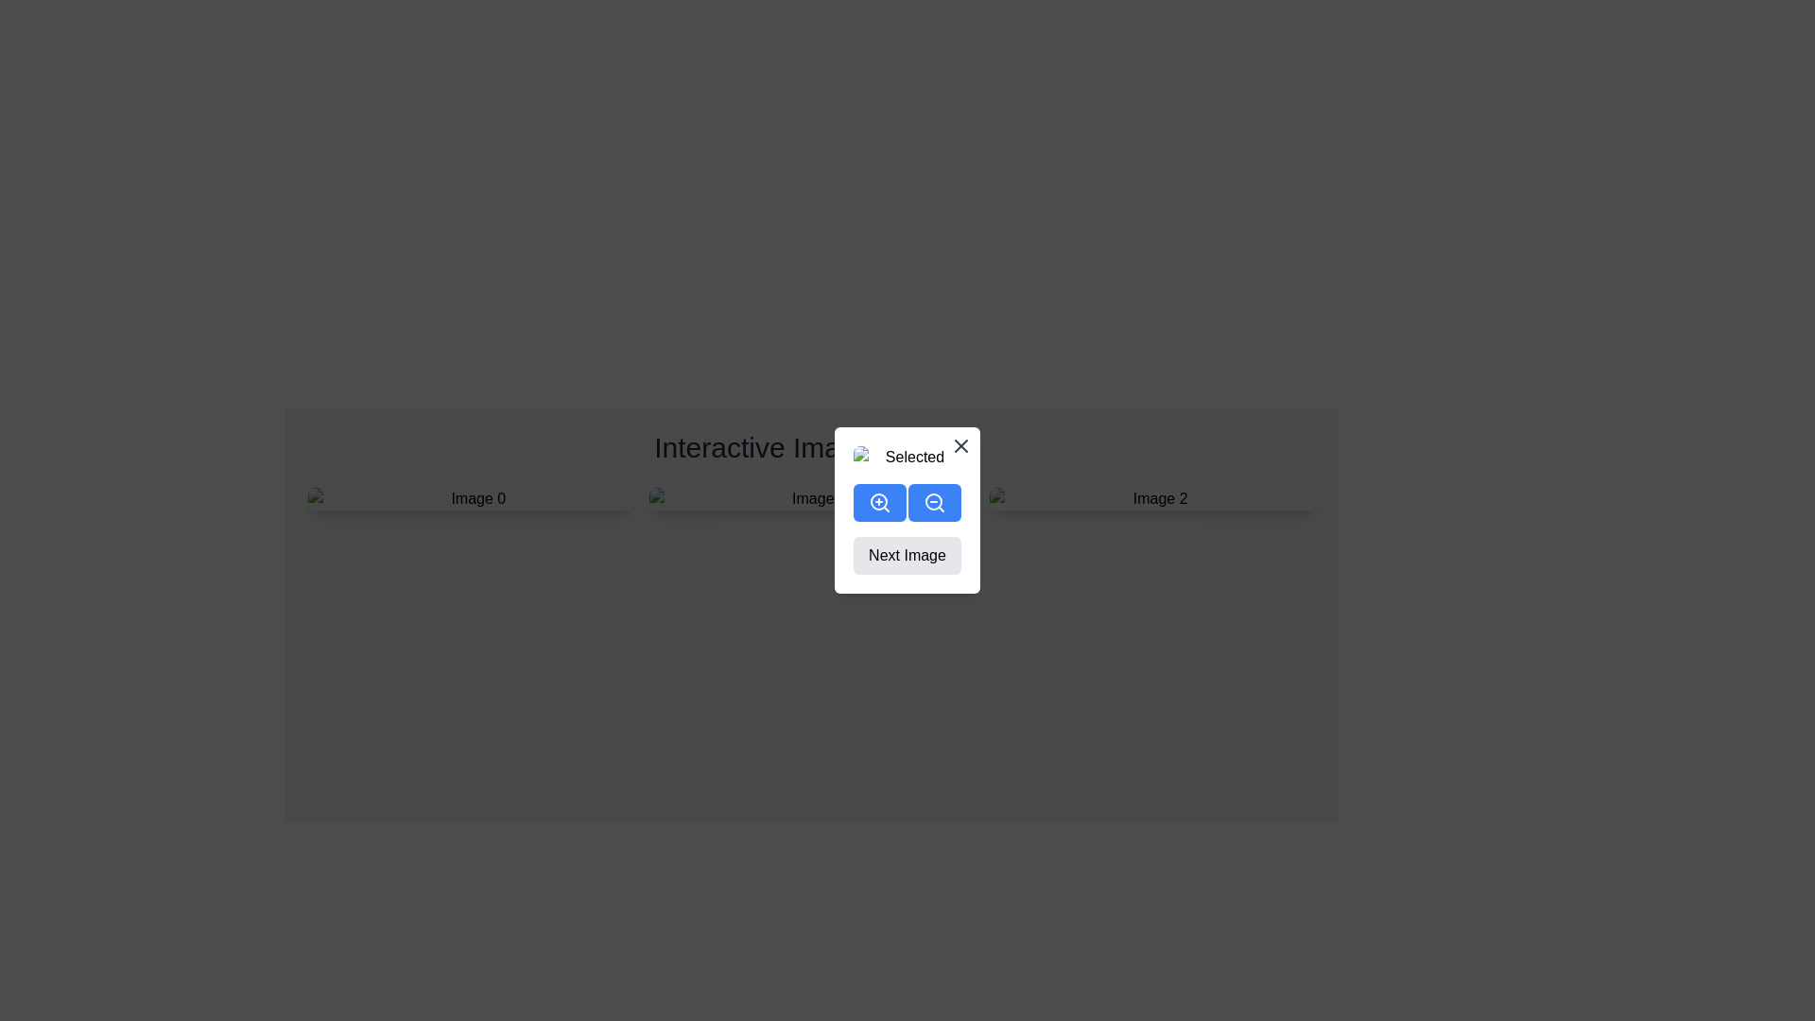 The width and height of the screenshot is (1815, 1021). What do you see at coordinates (471, 498) in the screenshot?
I see `the first image thumbnail labeled 'Image 1' in the horizontal grid layout to interact with it` at bounding box center [471, 498].